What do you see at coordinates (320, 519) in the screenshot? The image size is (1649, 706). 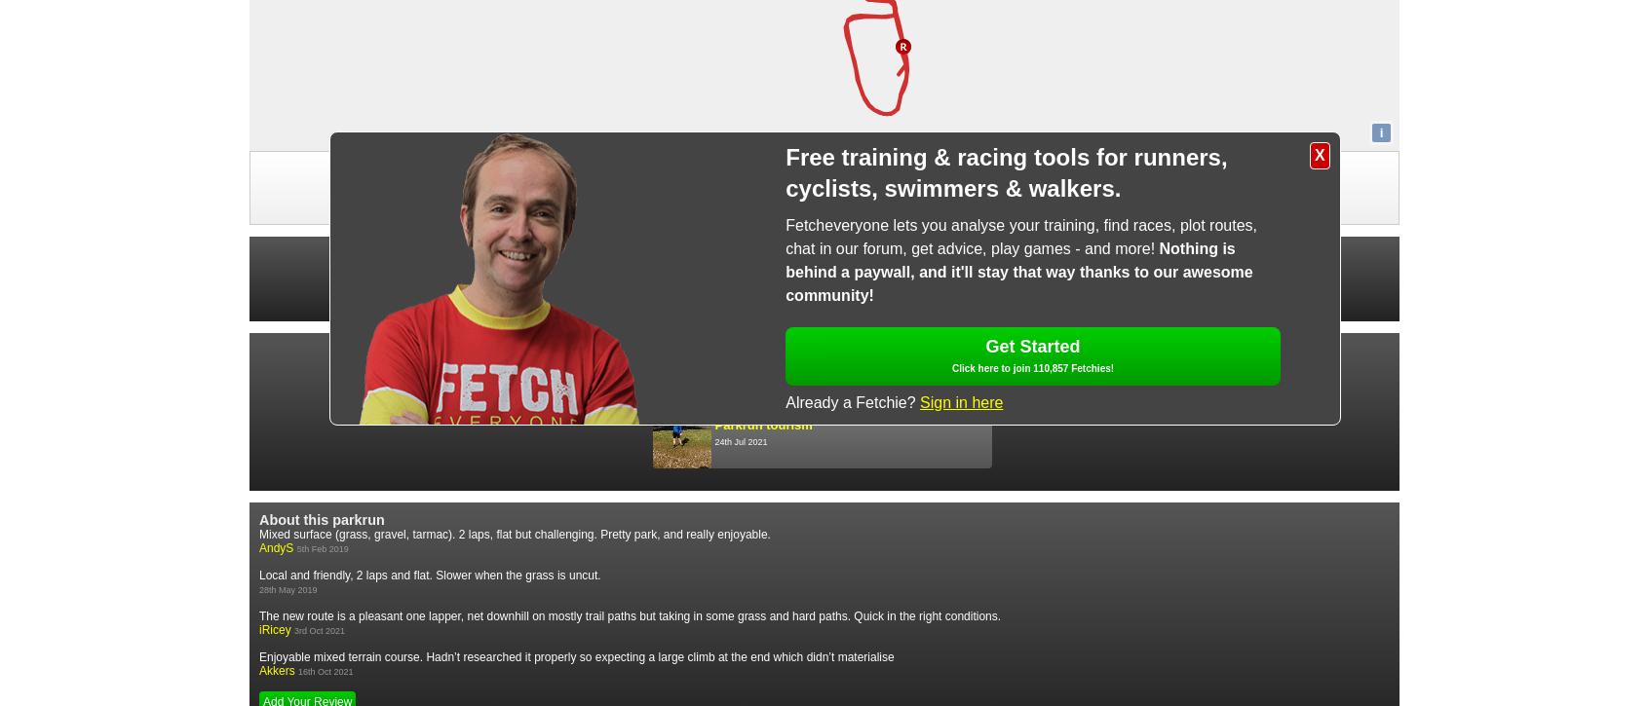 I see `'About this parkrun'` at bounding box center [320, 519].